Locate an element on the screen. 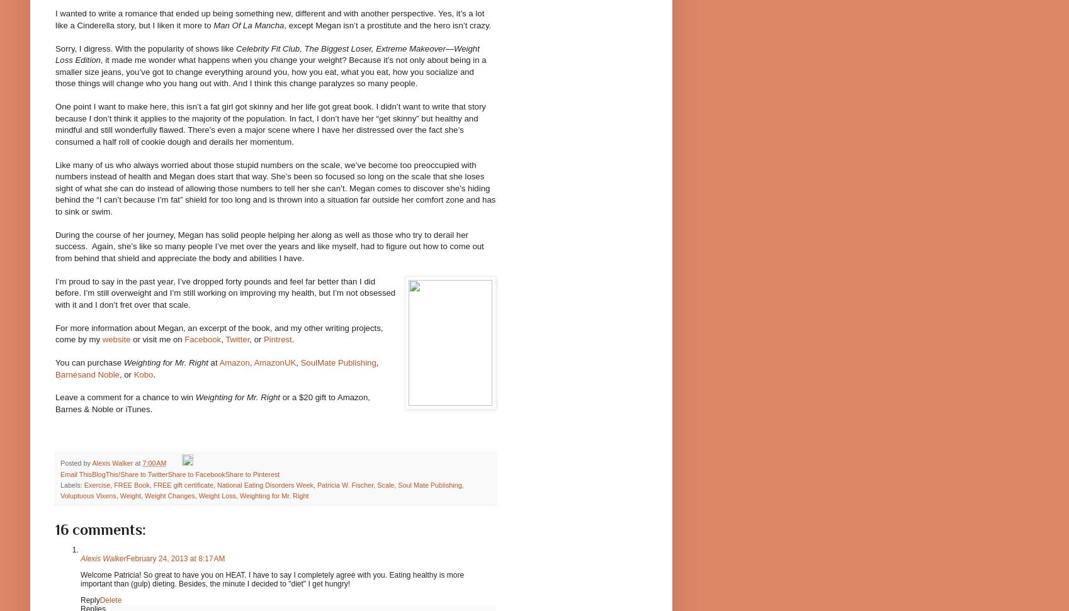  'Welcome Patricia! So great to have you on HEAT. I have to say I completely agree with you. Eating healthy is more important than (gulp) dieting. Besides, the minute I decided to "diet" I get hungry!' is located at coordinates (80, 578).